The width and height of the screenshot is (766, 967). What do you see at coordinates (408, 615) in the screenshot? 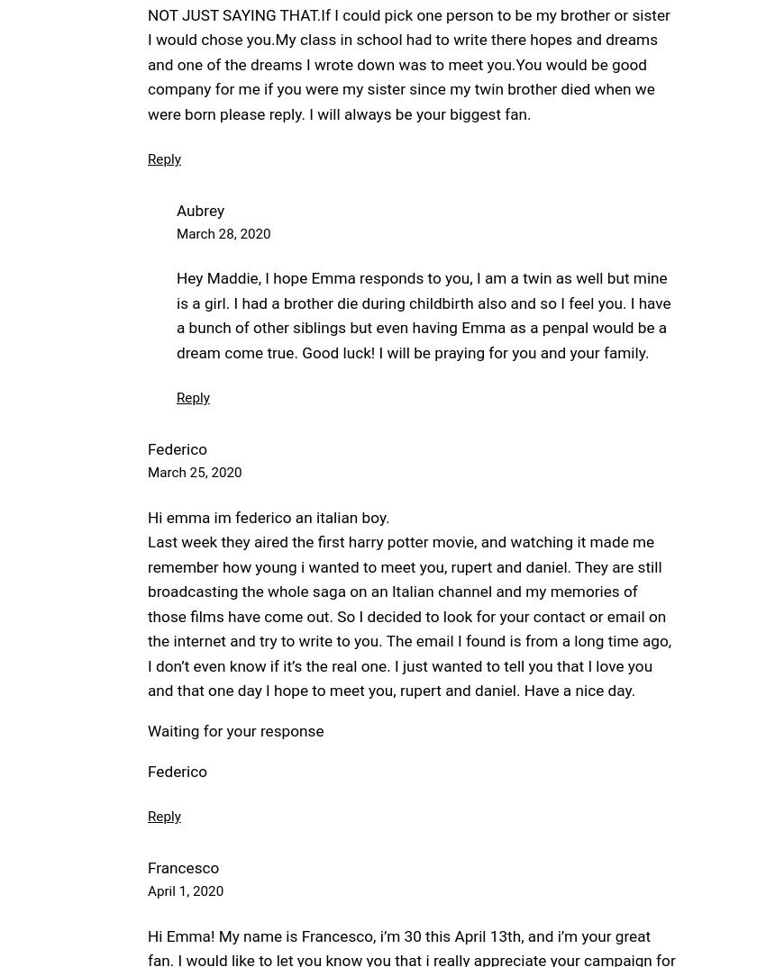
I see `'Last week they aired the first harry potter movie, and watching it made me remember how young i wanted to meet you, rupert and daniel. They are still broadcasting the whole saga on an Italian channel and my memories of those films have come out. So I decided to look for your contact or email on the internet and try to write to you. The email I found is from a long time ago, I don’t even know if it’s the real one. I just wanted to tell you that I love you and that one day I hope to meet you, rupert and daniel. Have a nice day.'` at bounding box center [408, 615].